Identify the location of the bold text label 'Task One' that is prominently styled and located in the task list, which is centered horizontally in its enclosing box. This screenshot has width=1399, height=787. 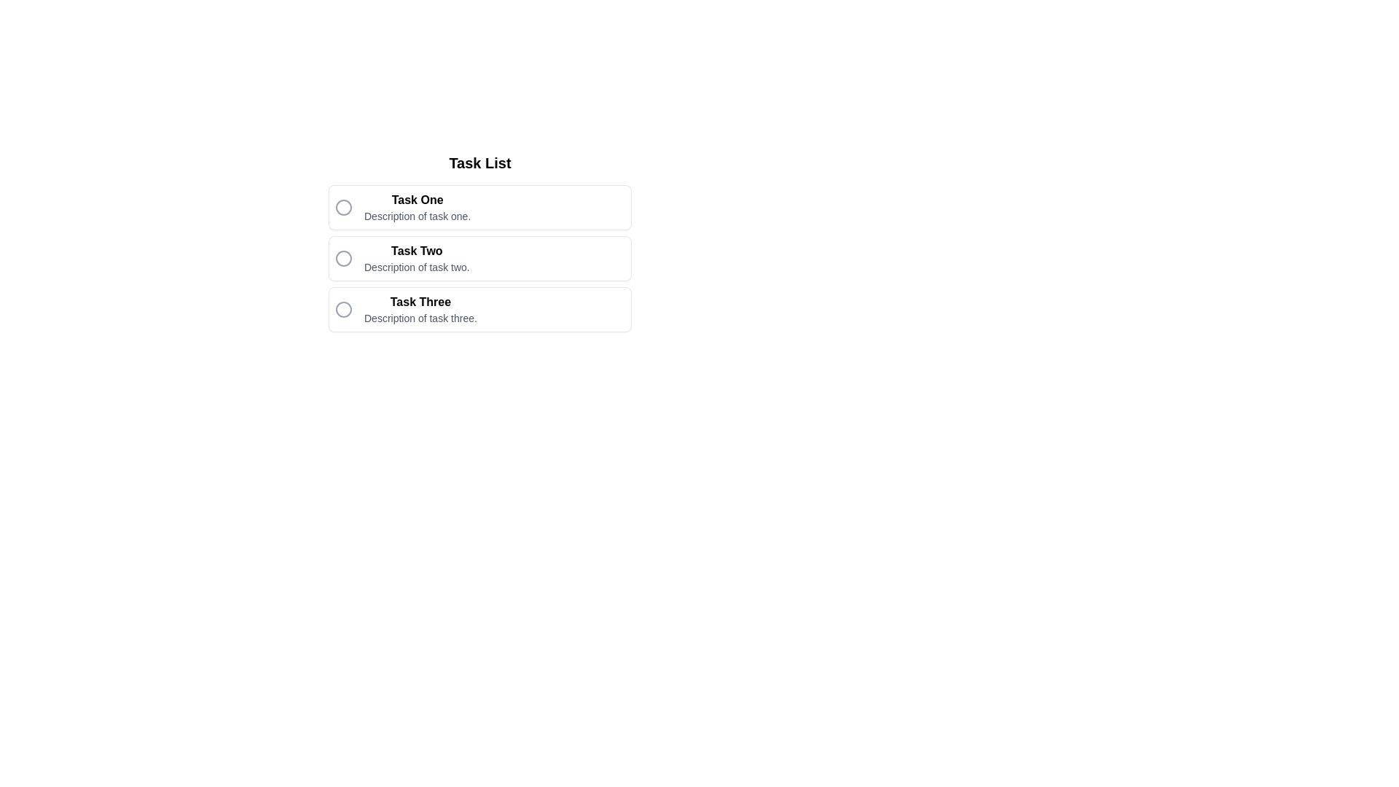
(417, 200).